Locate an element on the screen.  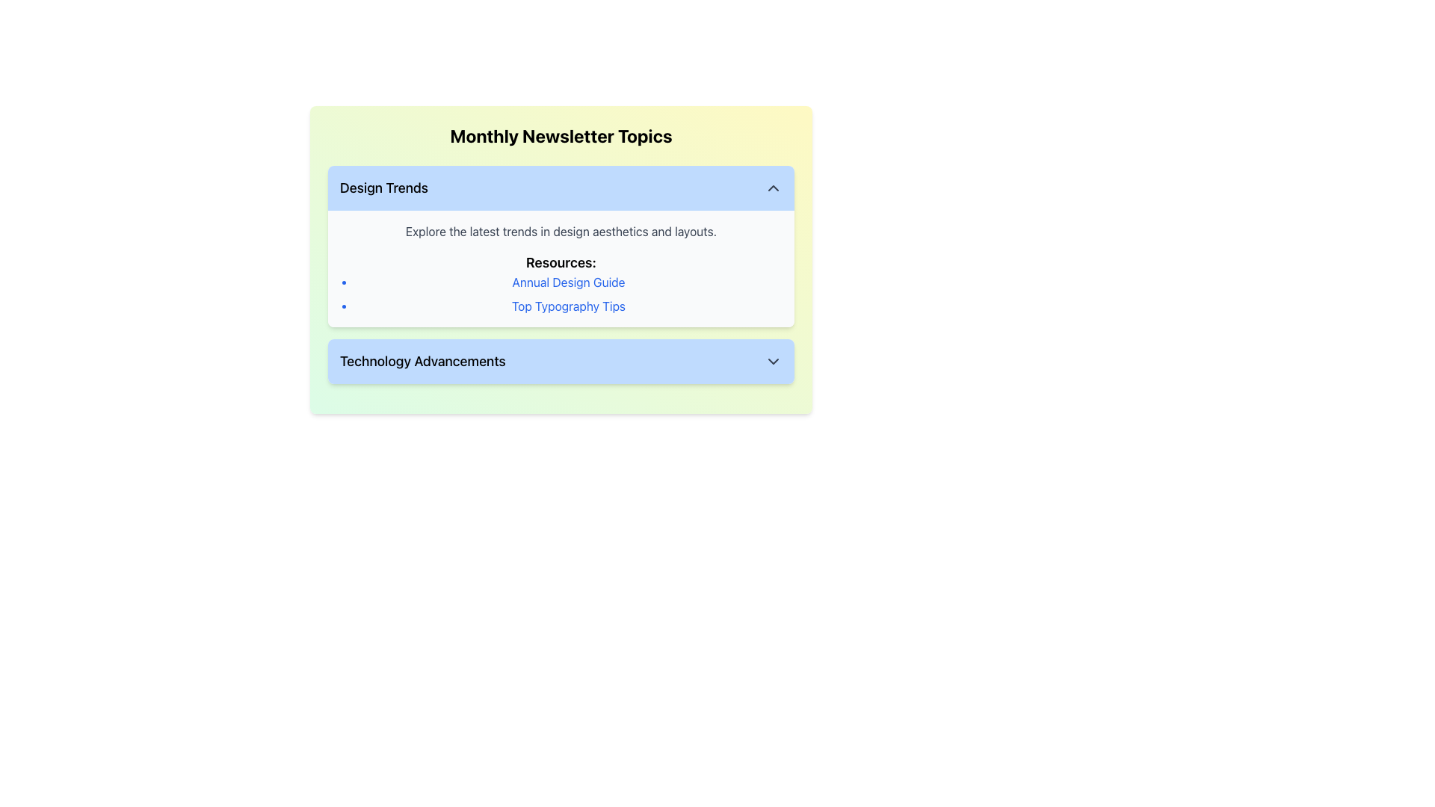
the text link that serves as a navigation component for design guides located beneath the 'Resources' header in the 'Design Trends' section is located at coordinates (568, 282).